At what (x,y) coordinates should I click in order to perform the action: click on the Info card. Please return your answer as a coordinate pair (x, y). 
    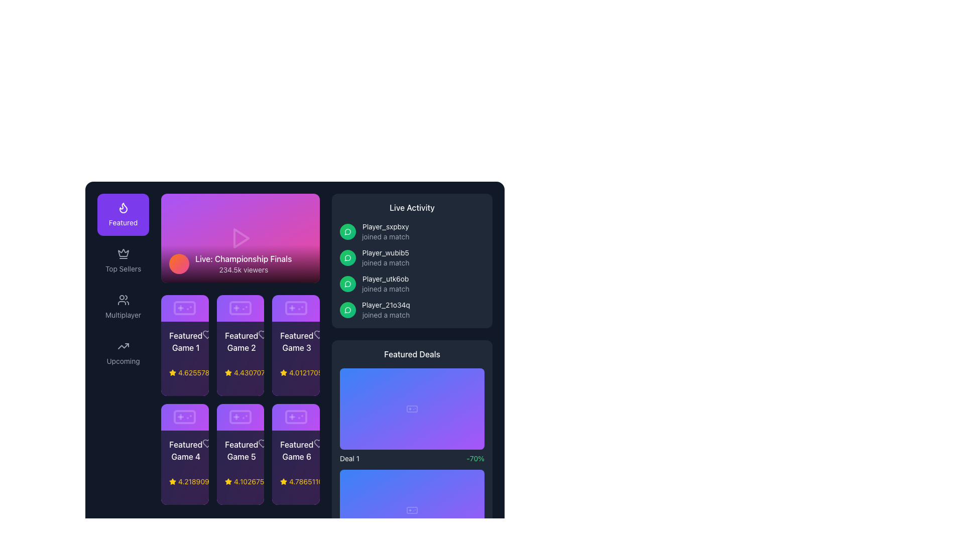
    Looking at the image, I should click on (185, 468).